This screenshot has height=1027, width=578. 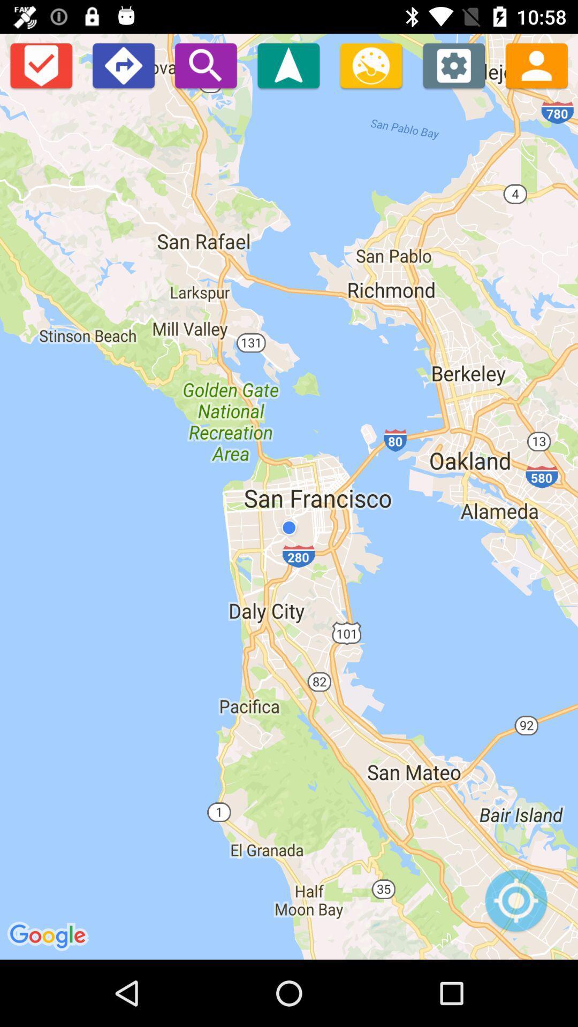 I want to click on focus on your location, so click(x=515, y=906).